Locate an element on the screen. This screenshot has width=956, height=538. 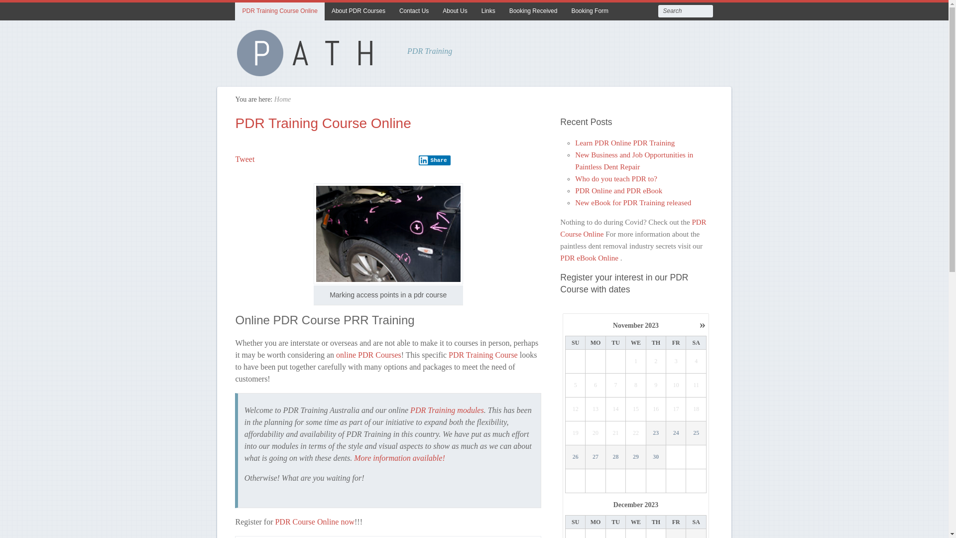
'Booking Form' is located at coordinates (590, 11).